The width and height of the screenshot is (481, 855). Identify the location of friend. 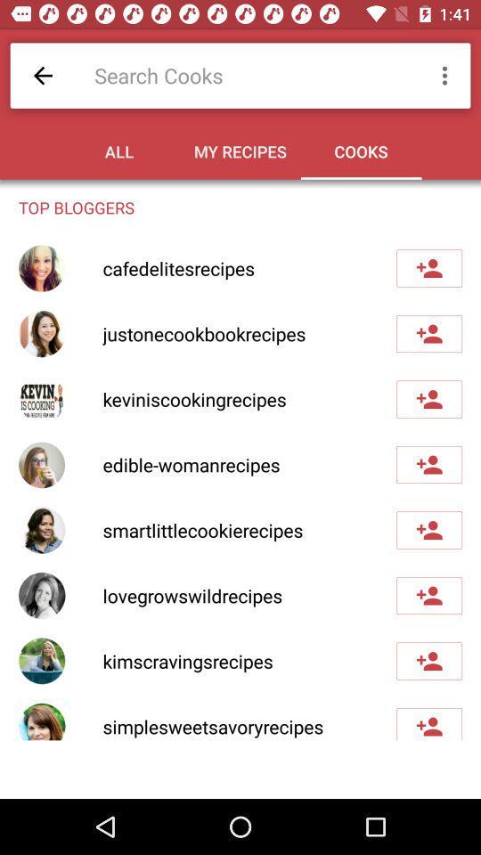
(428, 268).